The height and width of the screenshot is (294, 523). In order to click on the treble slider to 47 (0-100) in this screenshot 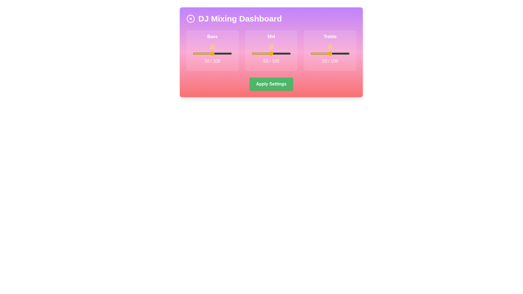, I will do `click(329, 53)`.